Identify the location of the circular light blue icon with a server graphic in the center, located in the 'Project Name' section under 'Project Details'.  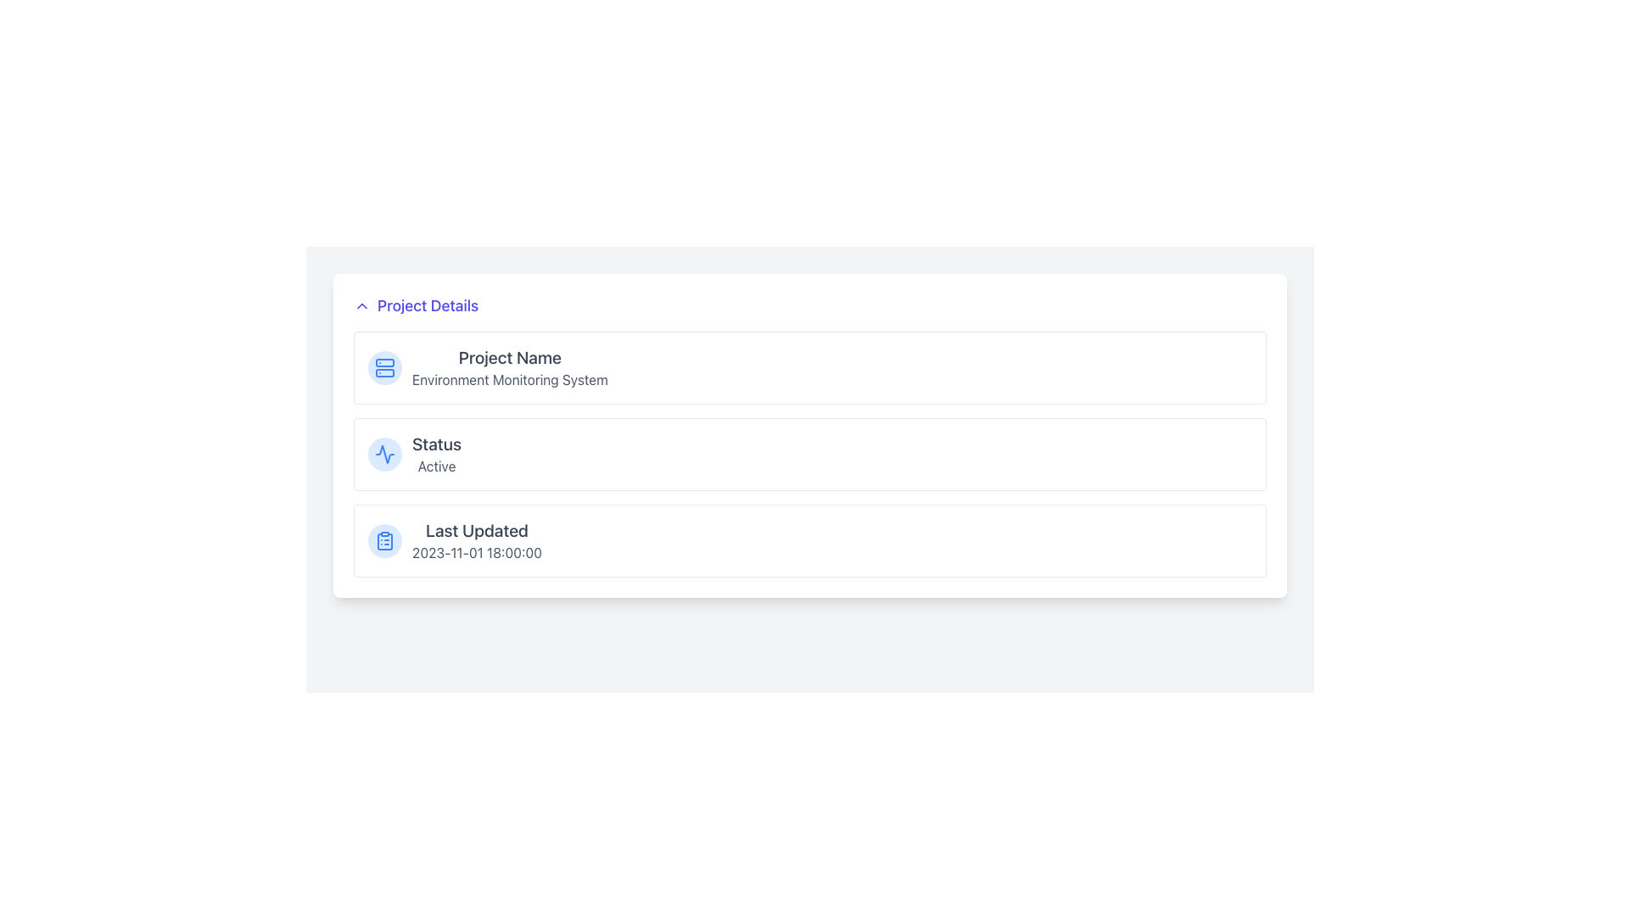
(384, 367).